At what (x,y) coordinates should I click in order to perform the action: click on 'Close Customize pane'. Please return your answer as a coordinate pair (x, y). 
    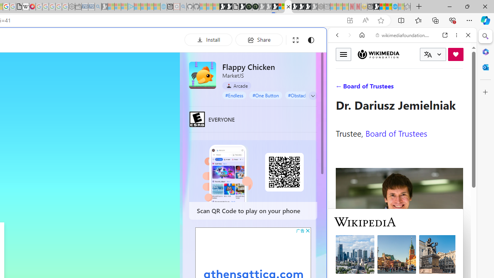
    Looking at the image, I should click on (485, 92).